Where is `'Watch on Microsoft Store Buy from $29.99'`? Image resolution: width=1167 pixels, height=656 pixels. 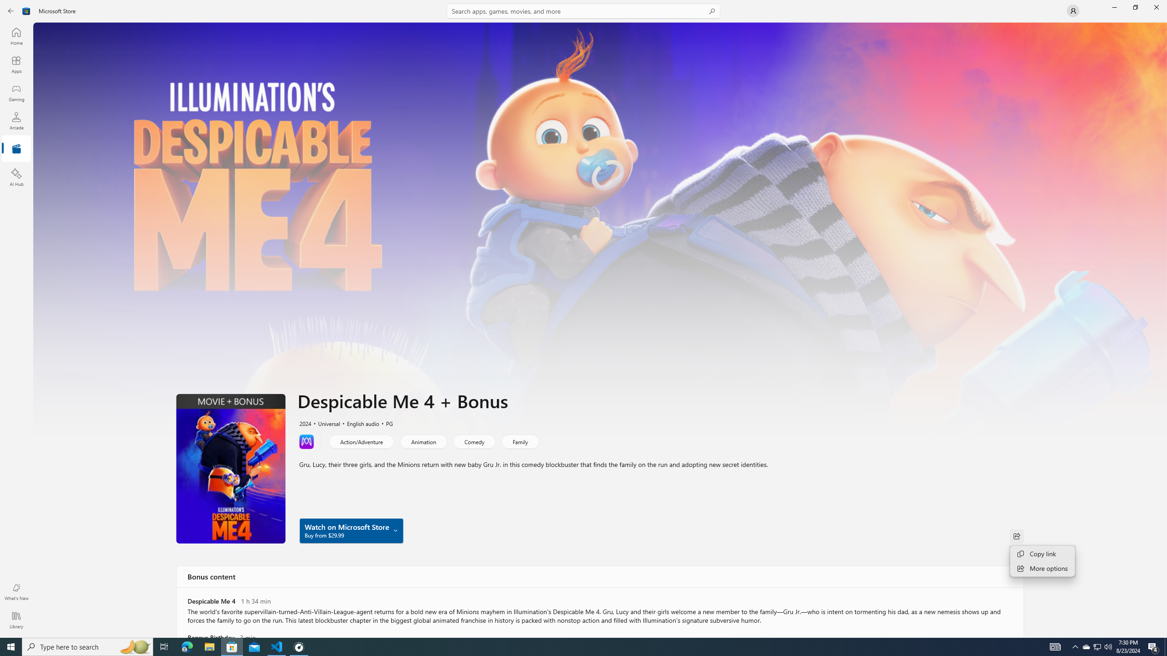 'Watch on Microsoft Store Buy from $29.99' is located at coordinates (351, 530).